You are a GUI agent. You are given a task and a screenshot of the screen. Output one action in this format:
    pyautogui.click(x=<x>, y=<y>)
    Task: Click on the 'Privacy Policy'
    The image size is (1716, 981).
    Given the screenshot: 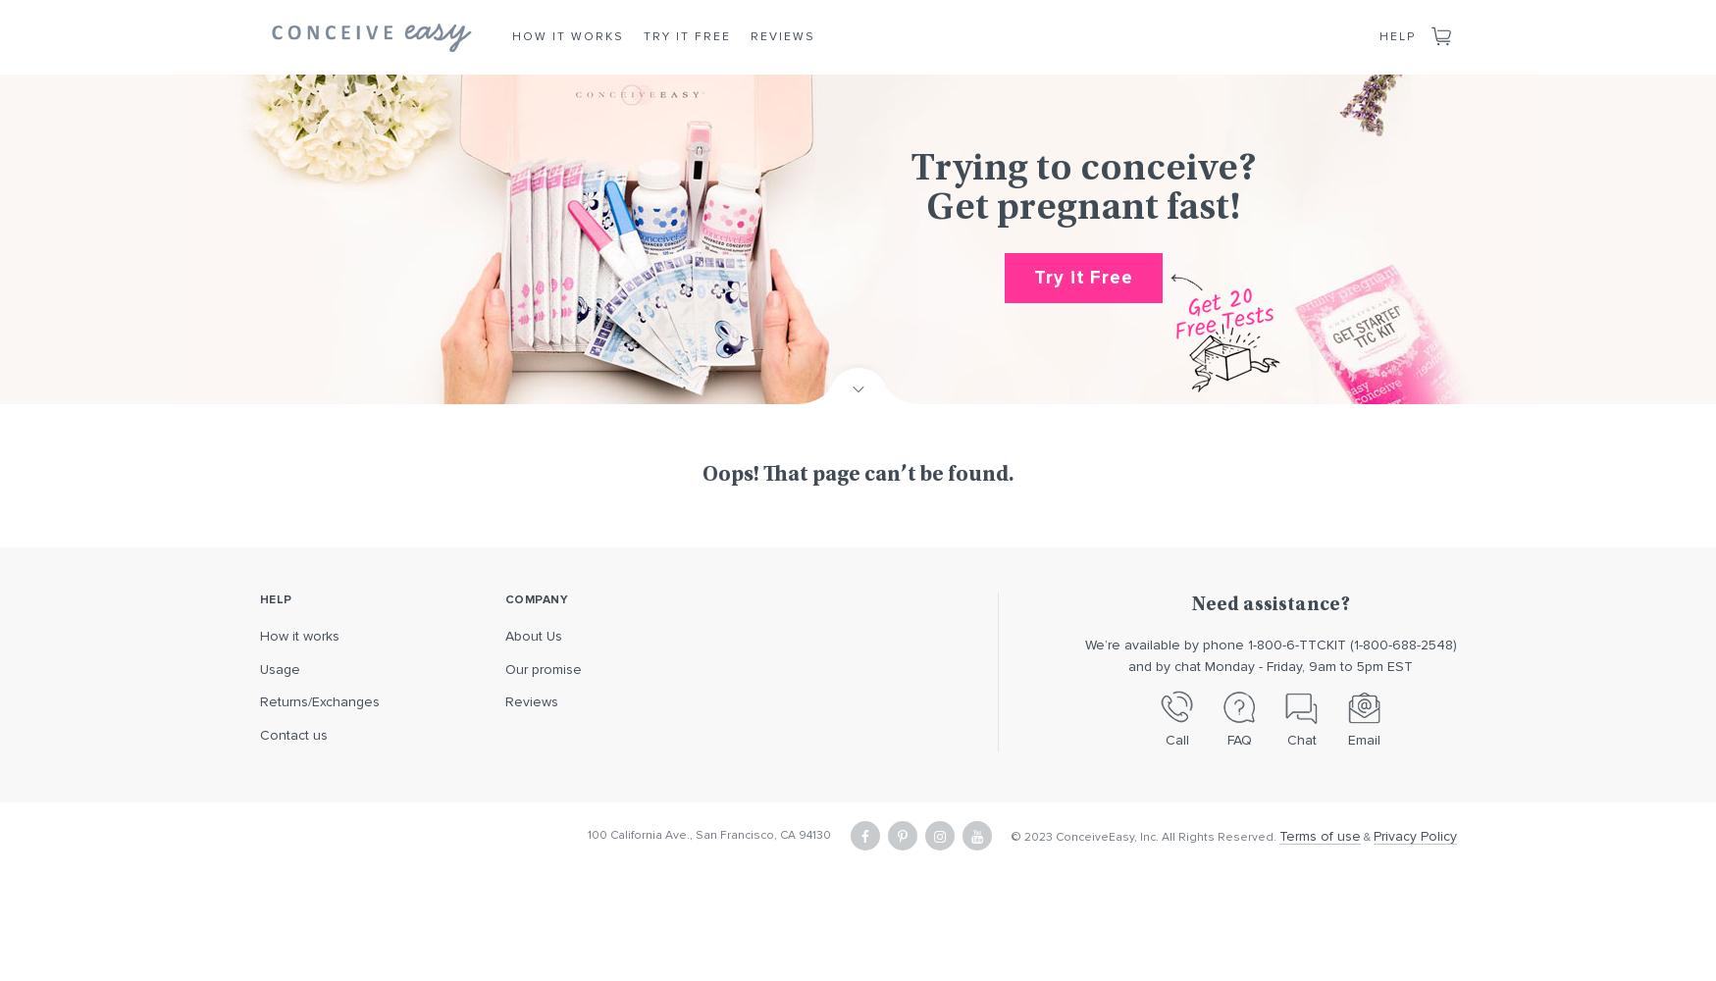 What is the action you would take?
    pyautogui.click(x=1414, y=834)
    